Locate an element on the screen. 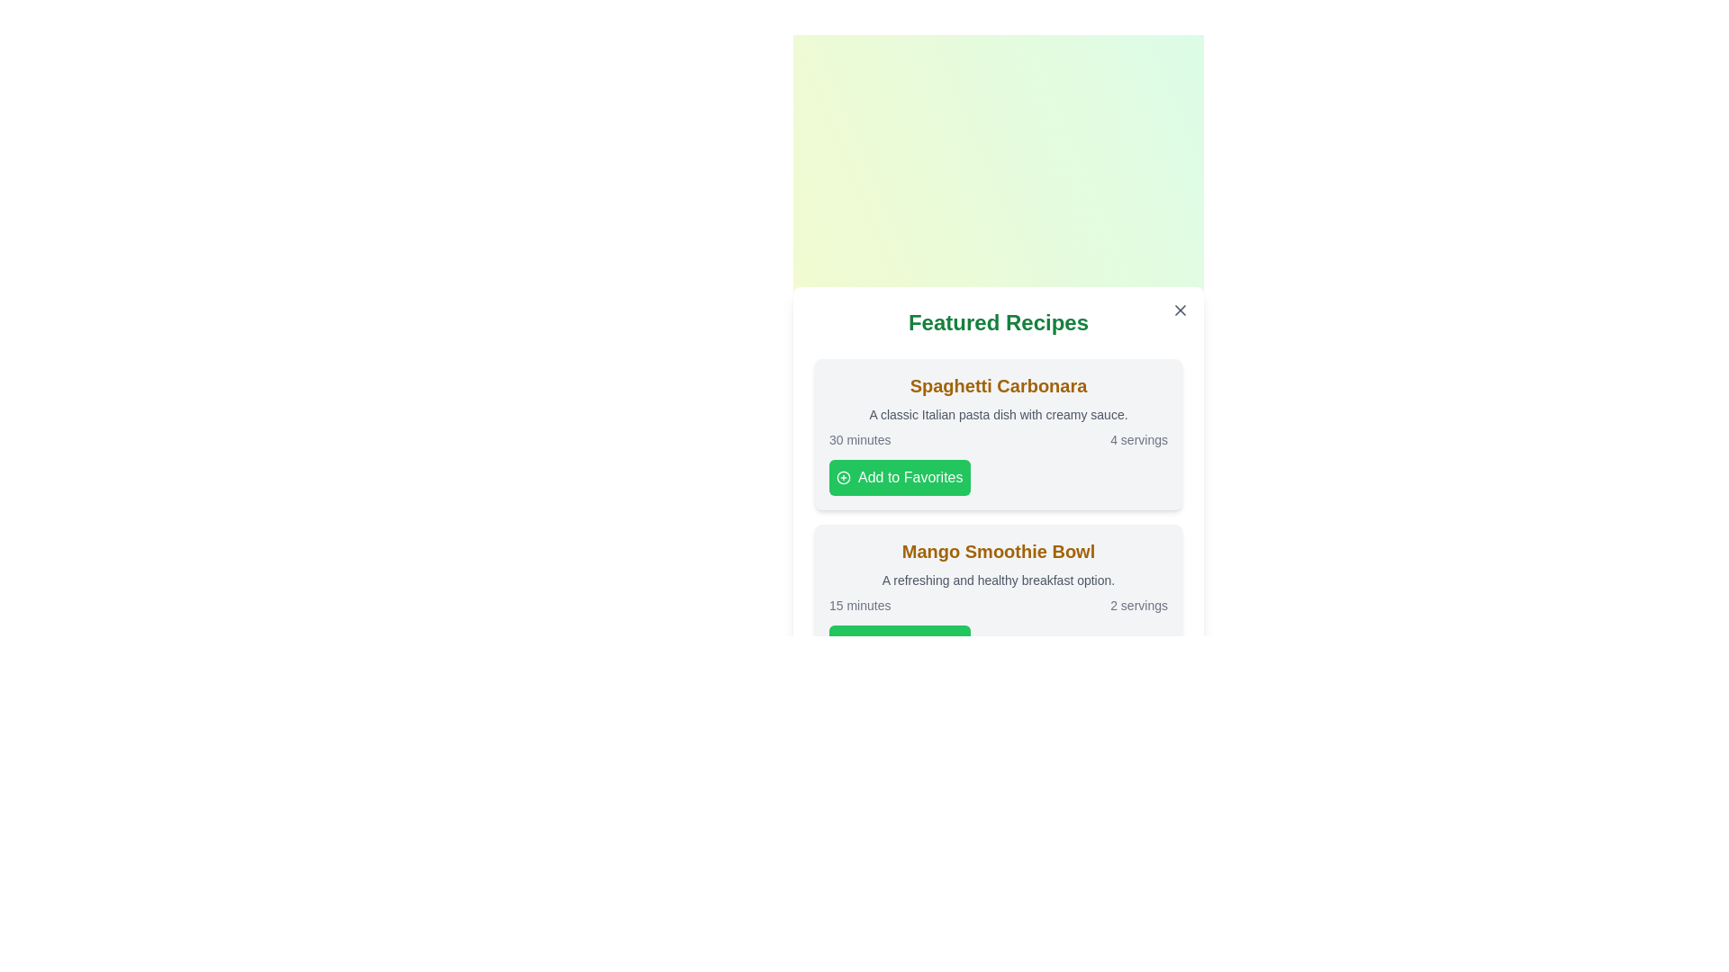  the text label displaying '4 servings' in gray font, located near the bottom-right corner of the 'Spaghetti Carbonara' recipe card, to the right of the '30 minutes' text is located at coordinates (1138, 440).